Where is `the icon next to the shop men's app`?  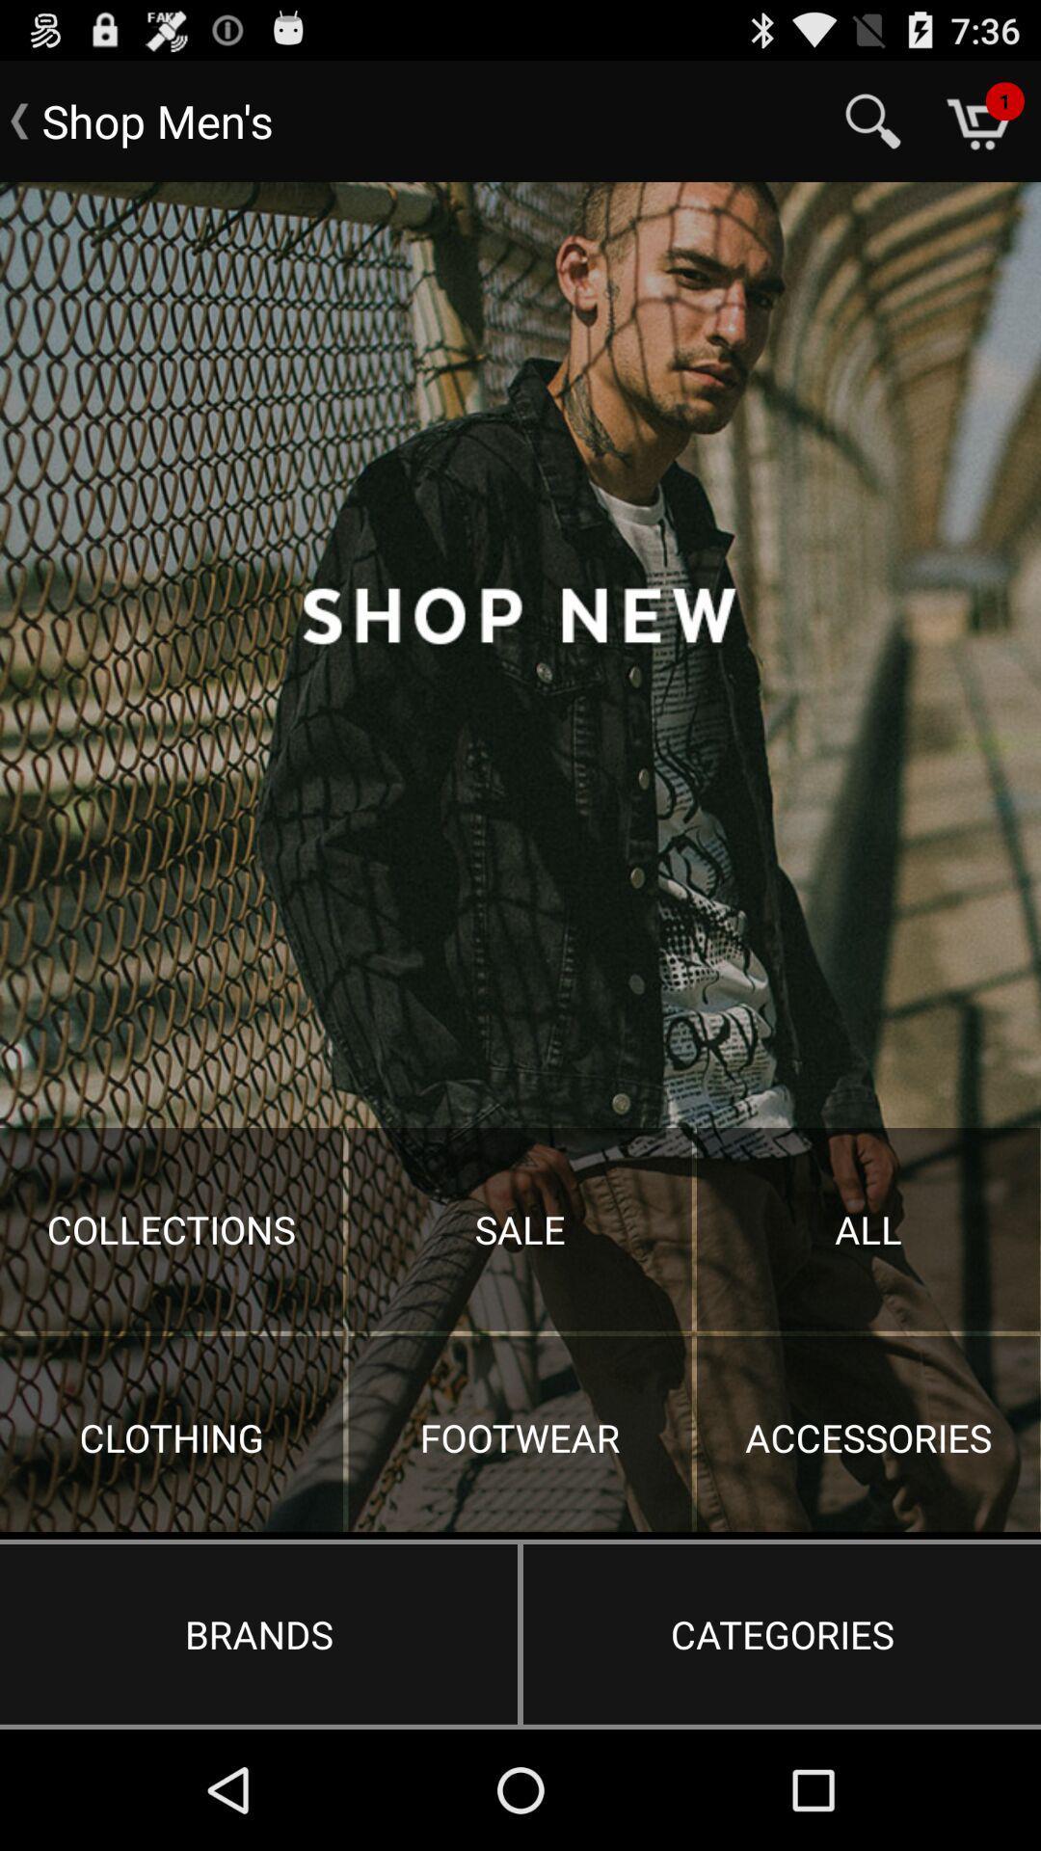
the icon next to the shop men's app is located at coordinates (873, 120).